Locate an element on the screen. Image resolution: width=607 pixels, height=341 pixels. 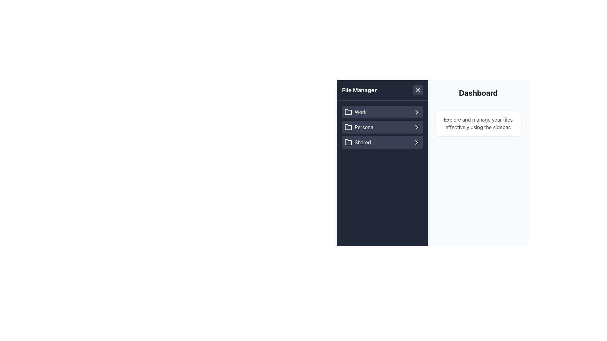
the diagonal line icon resembling a small portion of an 'X' shape in the top-right corner of the 'File Manager' sidebar is located at coordinates (418, 90).